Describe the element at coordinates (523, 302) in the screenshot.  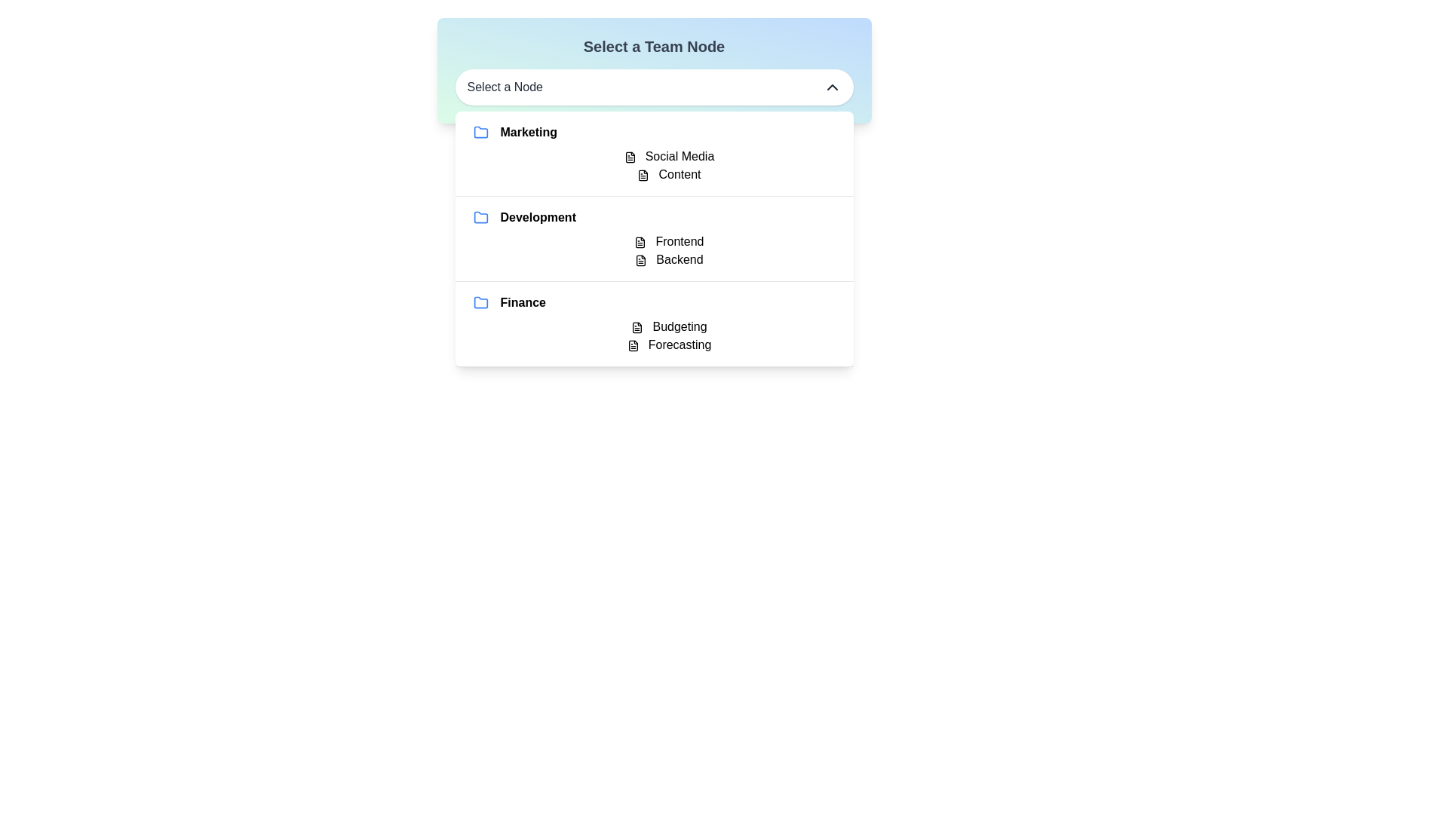
I see `the 'Finance' text label, which serves as a clickable reference for exploring details or subcategories under the category header, positioned as the third main category in the section listing team nodes` at that location.